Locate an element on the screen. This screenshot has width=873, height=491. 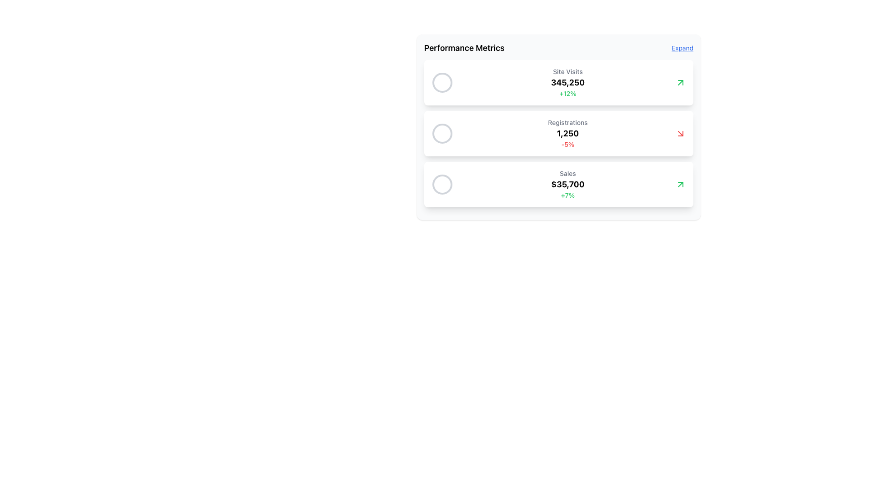
the informational text label that displays a numerical metric related to registrations, positioned beneath 'Registrations' and above '-5%' is located at coordinates (567, 133).